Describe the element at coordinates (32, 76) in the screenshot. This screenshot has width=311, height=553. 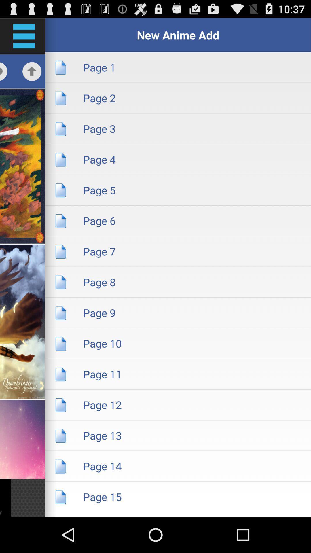
I see `the arrow_upward icon` at that location.